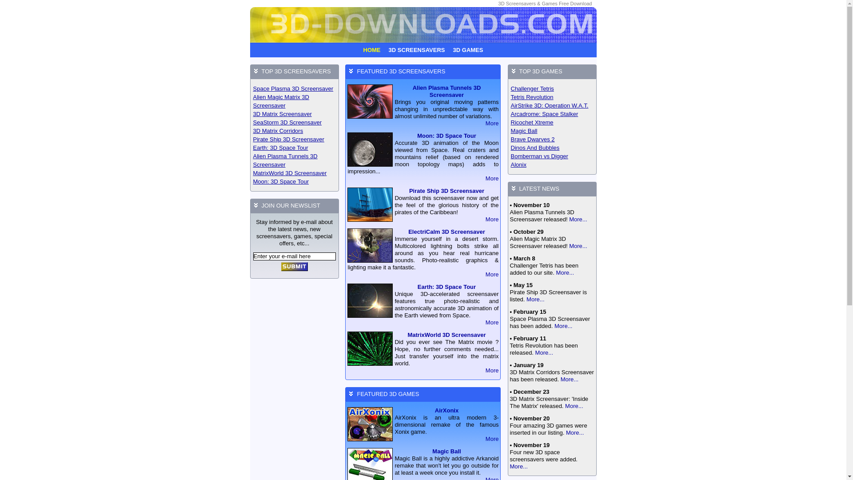  What do you see at coordinates (416, 50) in the screenshot?
I see `'3D SCREENSAVERS'` at bounding box center [416, 50].